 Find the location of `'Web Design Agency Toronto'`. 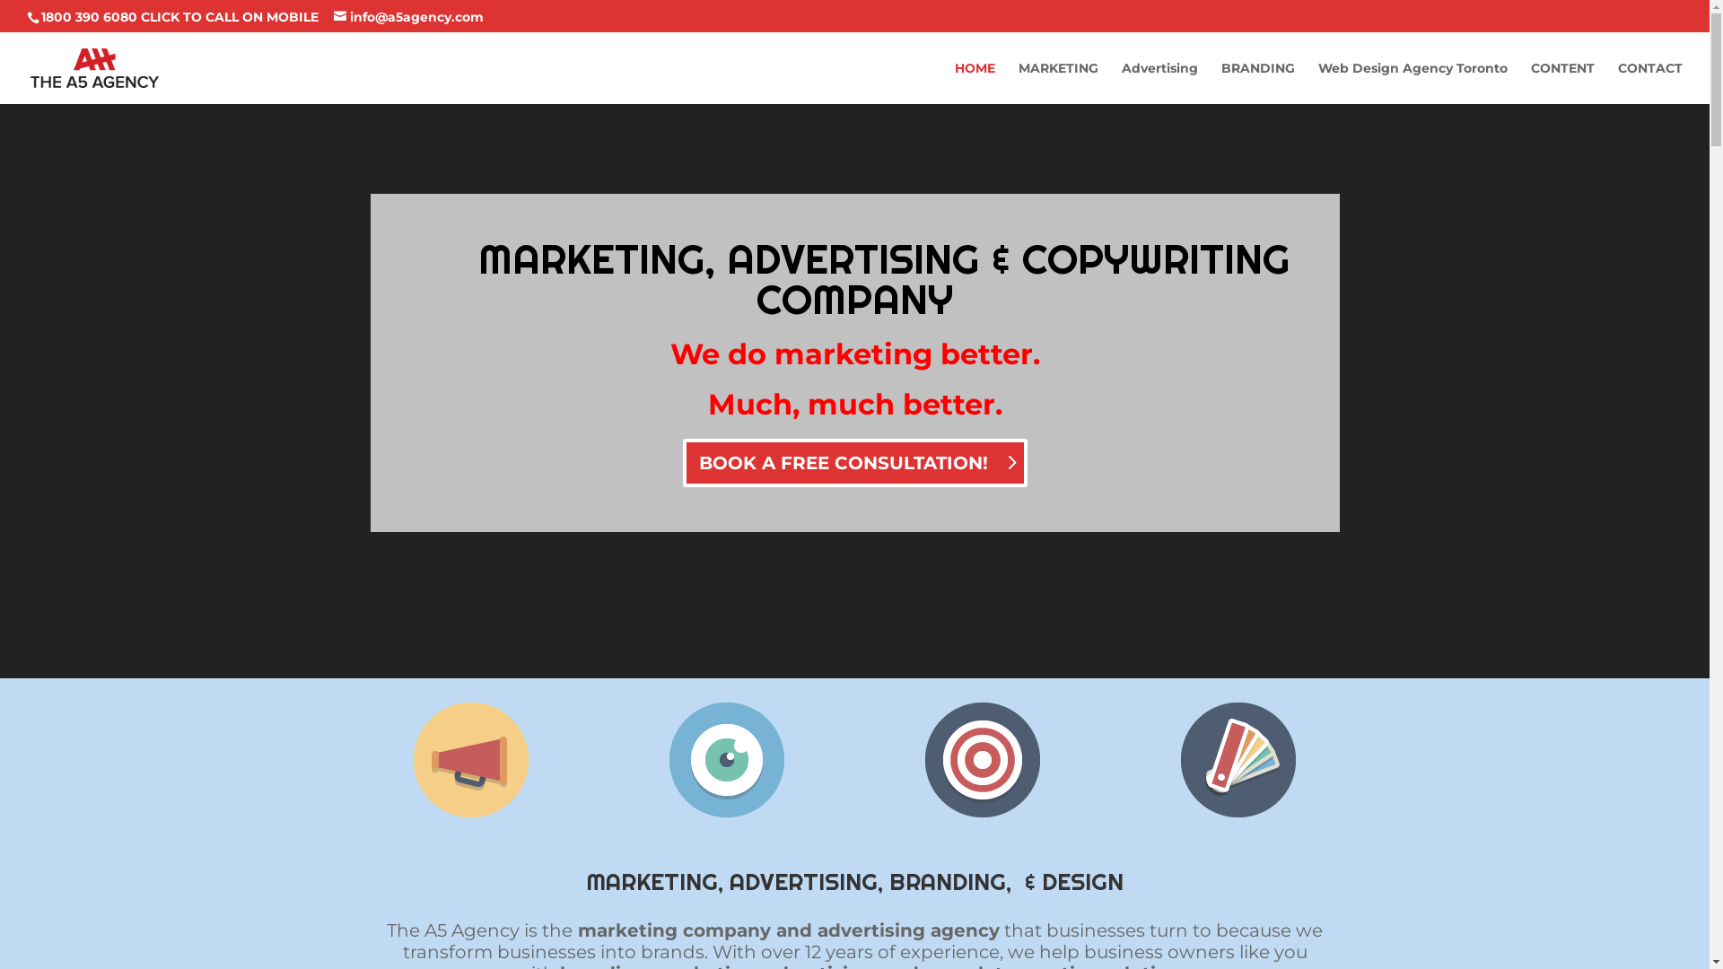

'Web Design Agency Toronto' is located at coordinates (1412, 83).